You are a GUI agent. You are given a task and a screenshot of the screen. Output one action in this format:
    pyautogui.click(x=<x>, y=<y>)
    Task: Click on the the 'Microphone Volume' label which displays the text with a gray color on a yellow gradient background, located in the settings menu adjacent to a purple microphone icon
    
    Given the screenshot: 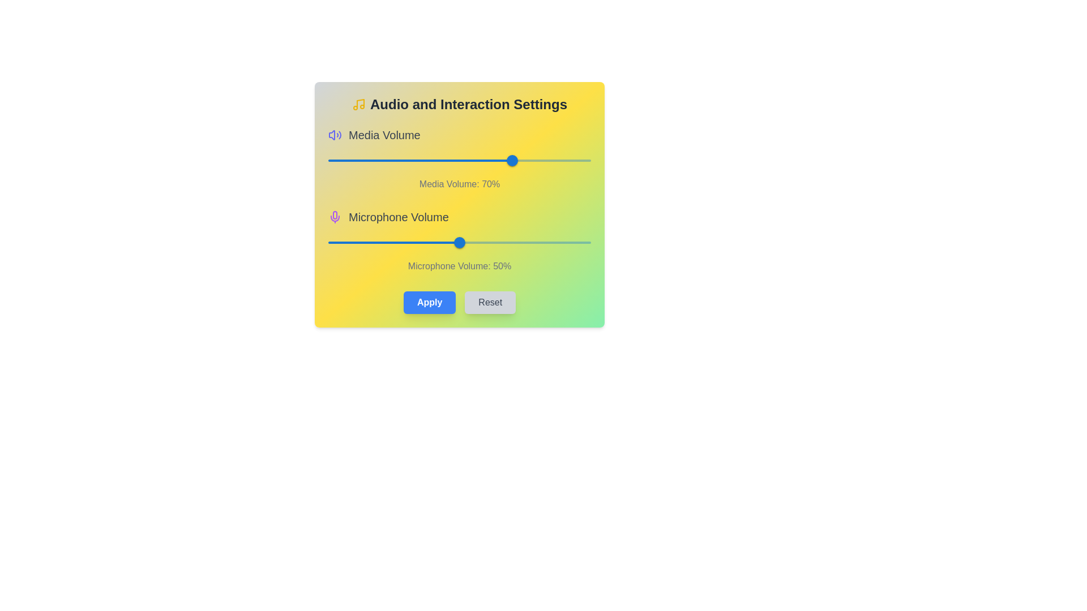 What is the action you would take?
    pyautogui.click(x=399, y=217)
    